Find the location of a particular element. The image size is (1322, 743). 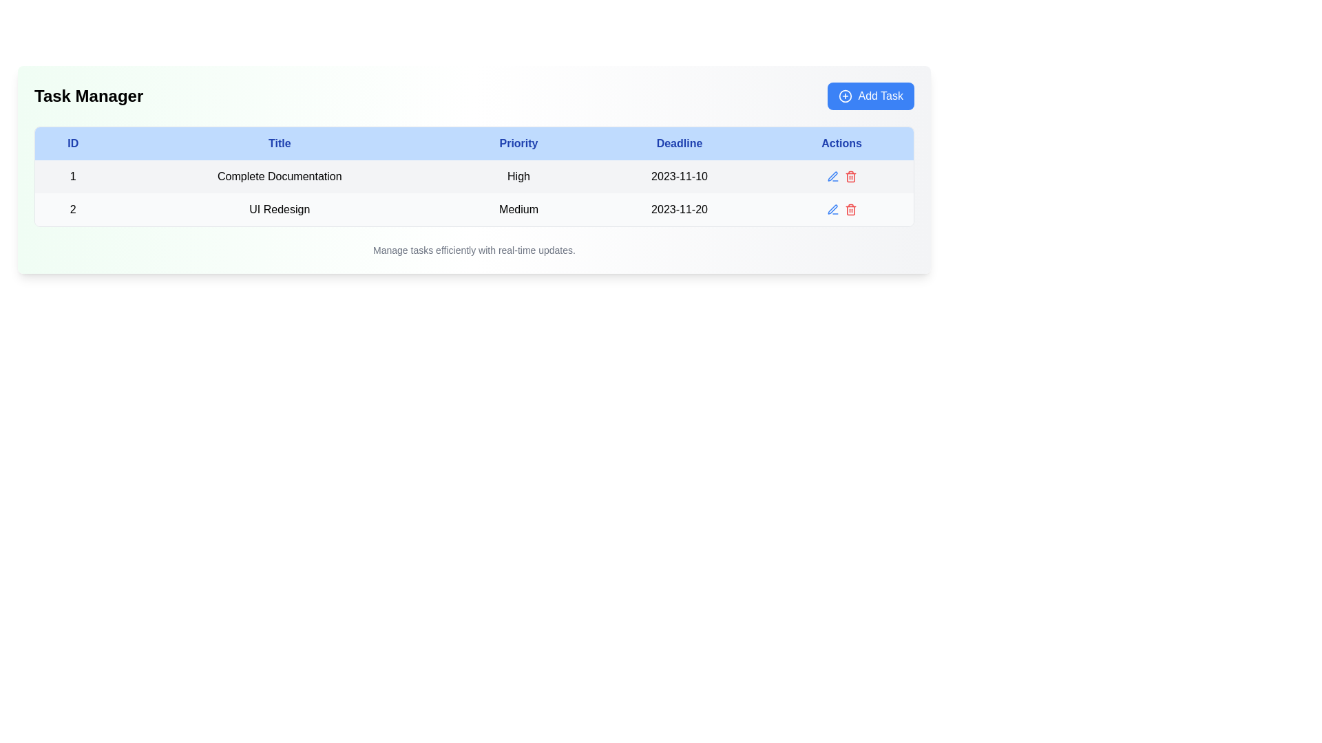

the small red trash icon in the 'Actions' section of the second row of the task management table to trigger its visual effect is located at coordinates (850, 209).